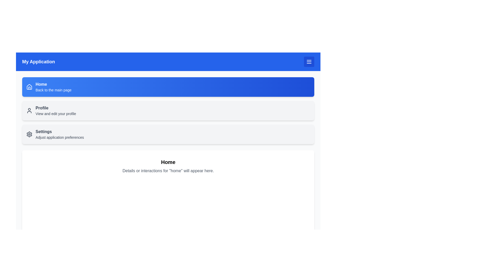  I want to click on the user icon located in the 'Profile' section of the vertical navigation menu, so click(29, 110).